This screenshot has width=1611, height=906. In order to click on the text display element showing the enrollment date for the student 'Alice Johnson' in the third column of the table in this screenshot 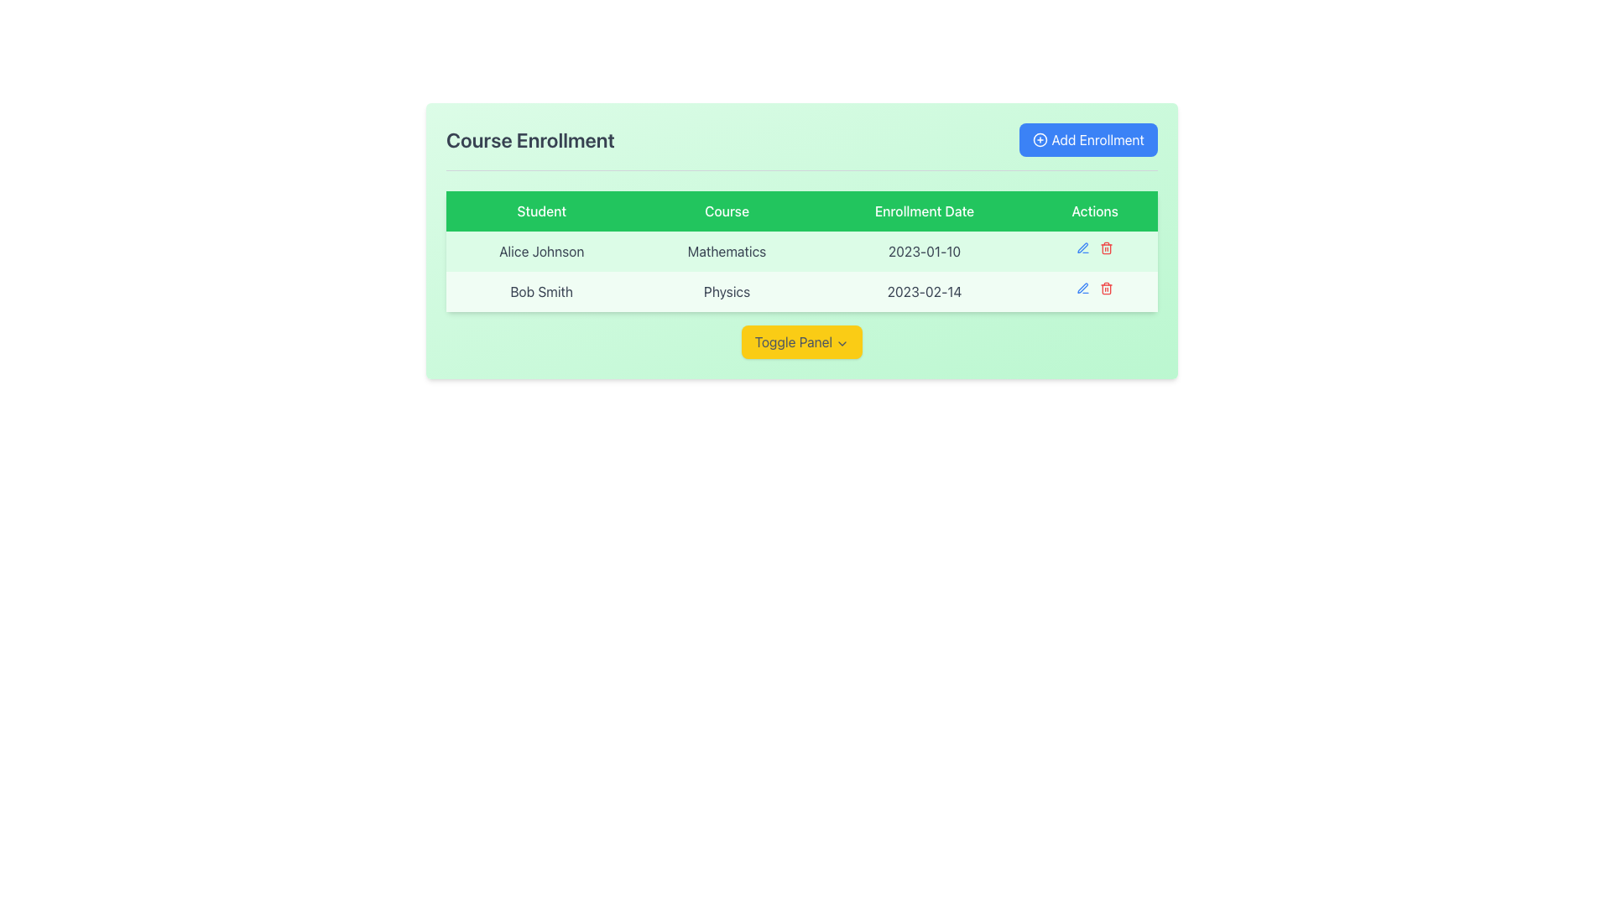, I will do `click(924, 252)`.